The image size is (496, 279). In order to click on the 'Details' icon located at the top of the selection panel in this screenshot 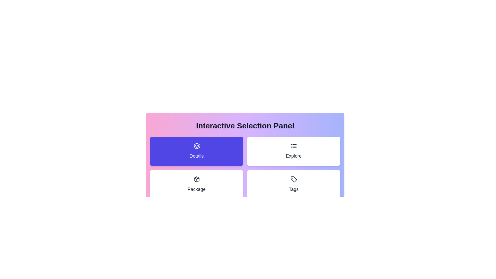, I will do `click(196, 146)`.